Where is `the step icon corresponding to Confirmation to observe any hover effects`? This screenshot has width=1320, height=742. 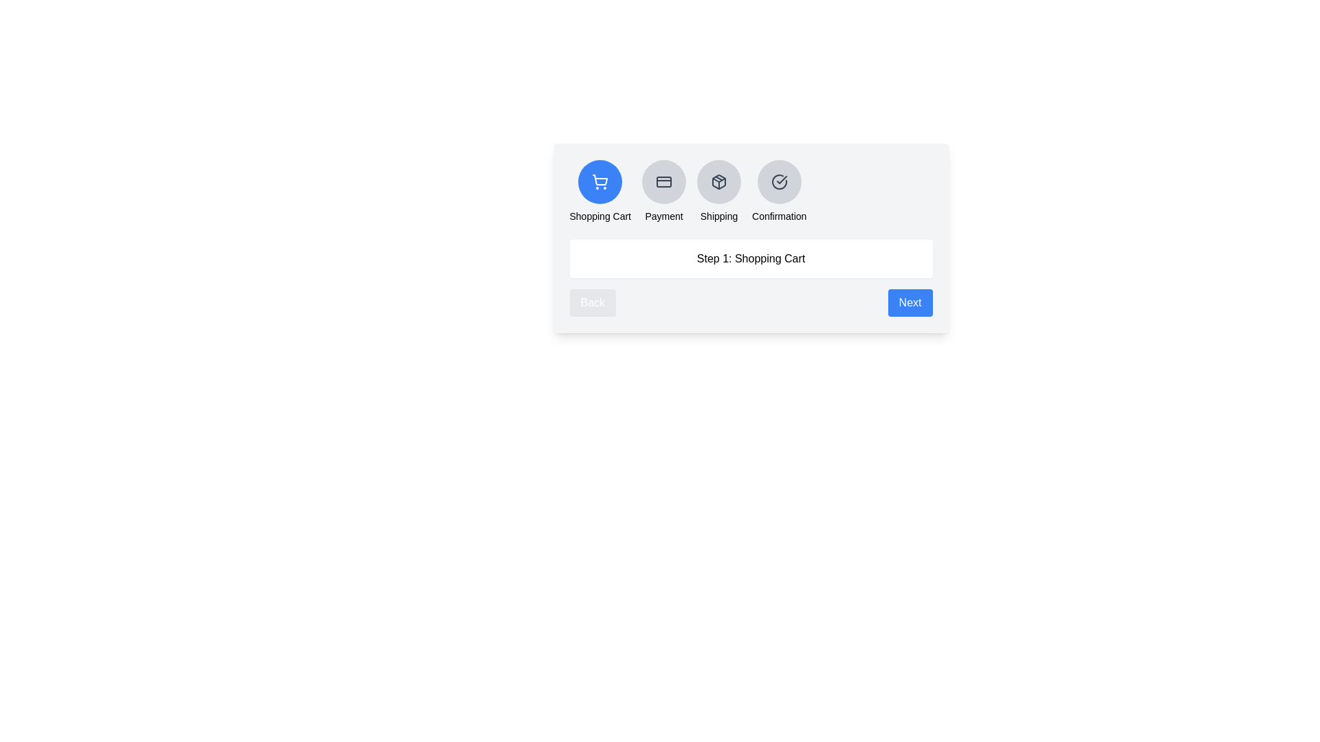
the step icon corresponding to Confirmation to observe any hover effects is located at coordinates (779, 181).